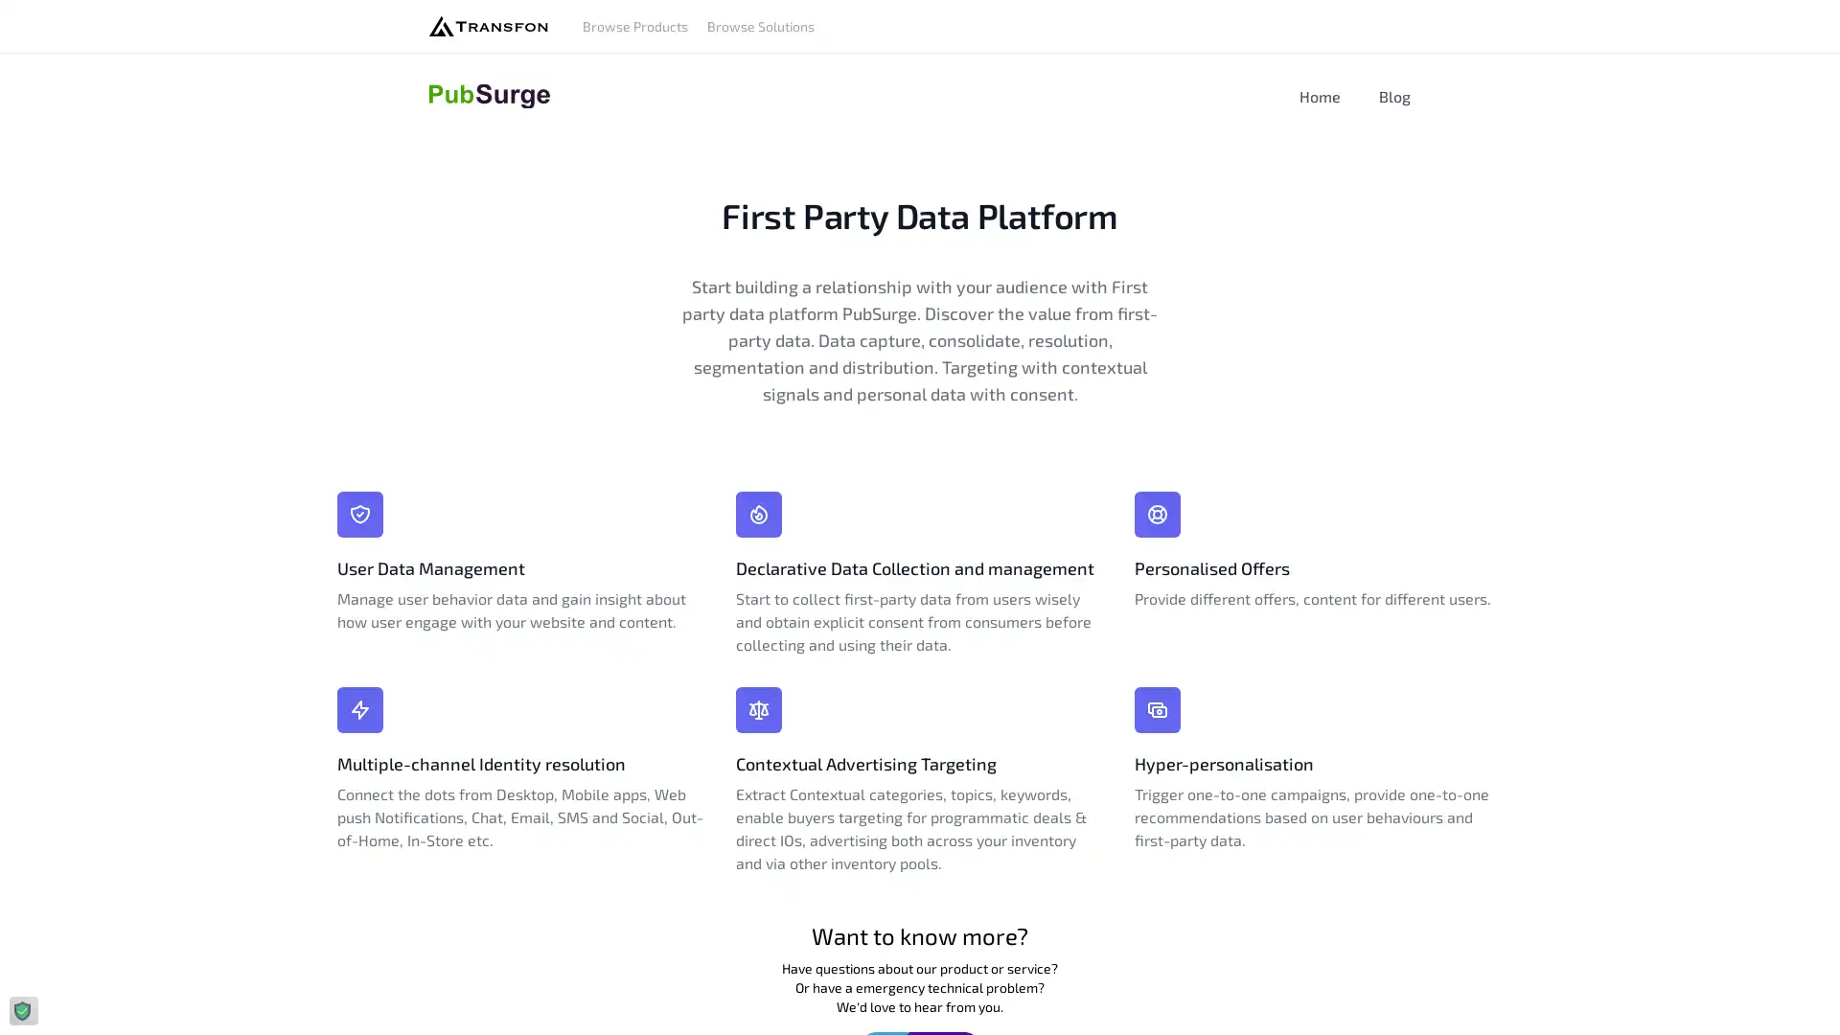 This screenshot has height=1035, width=1840. Describe the element at coordinates (128, 1000) in the screenshot. I see `Do Not Sell My Data` at that location.